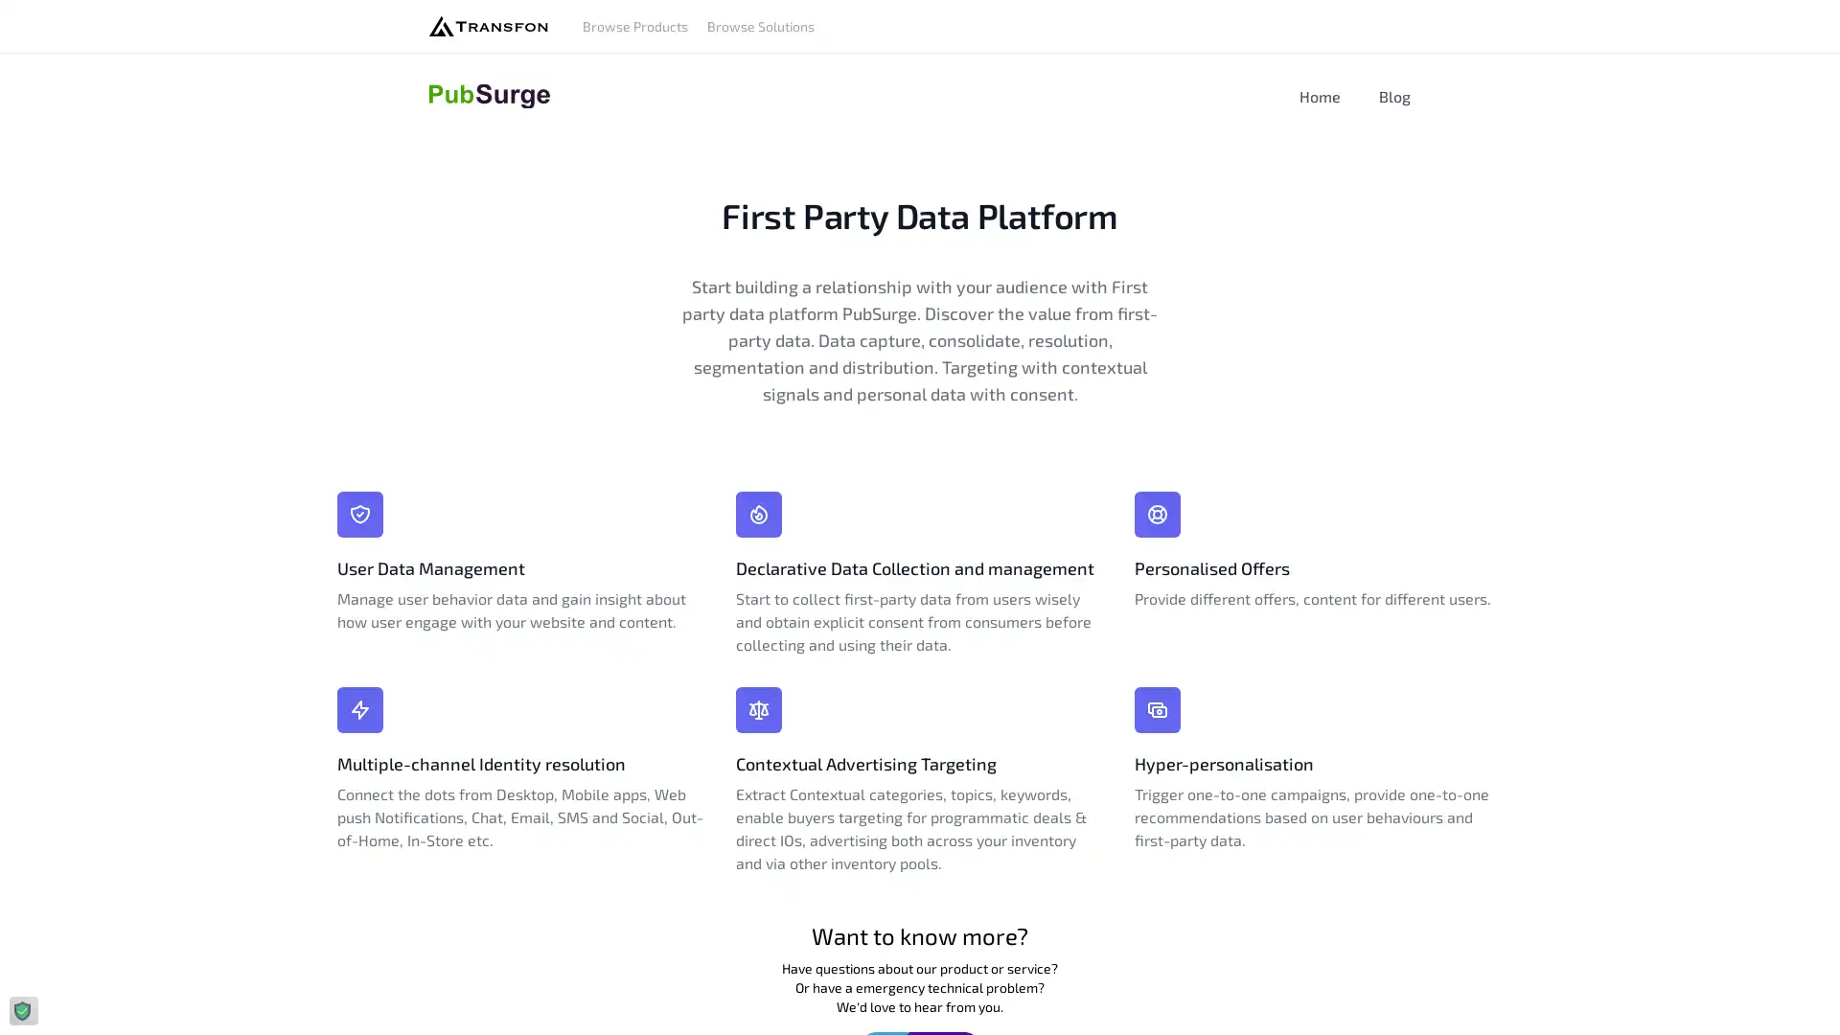 This screenshot has height=1035, width=1840. Describe the element at coordinates (128, 1000) in the screenshot. I see `Do Not Sell My Data` at that location.